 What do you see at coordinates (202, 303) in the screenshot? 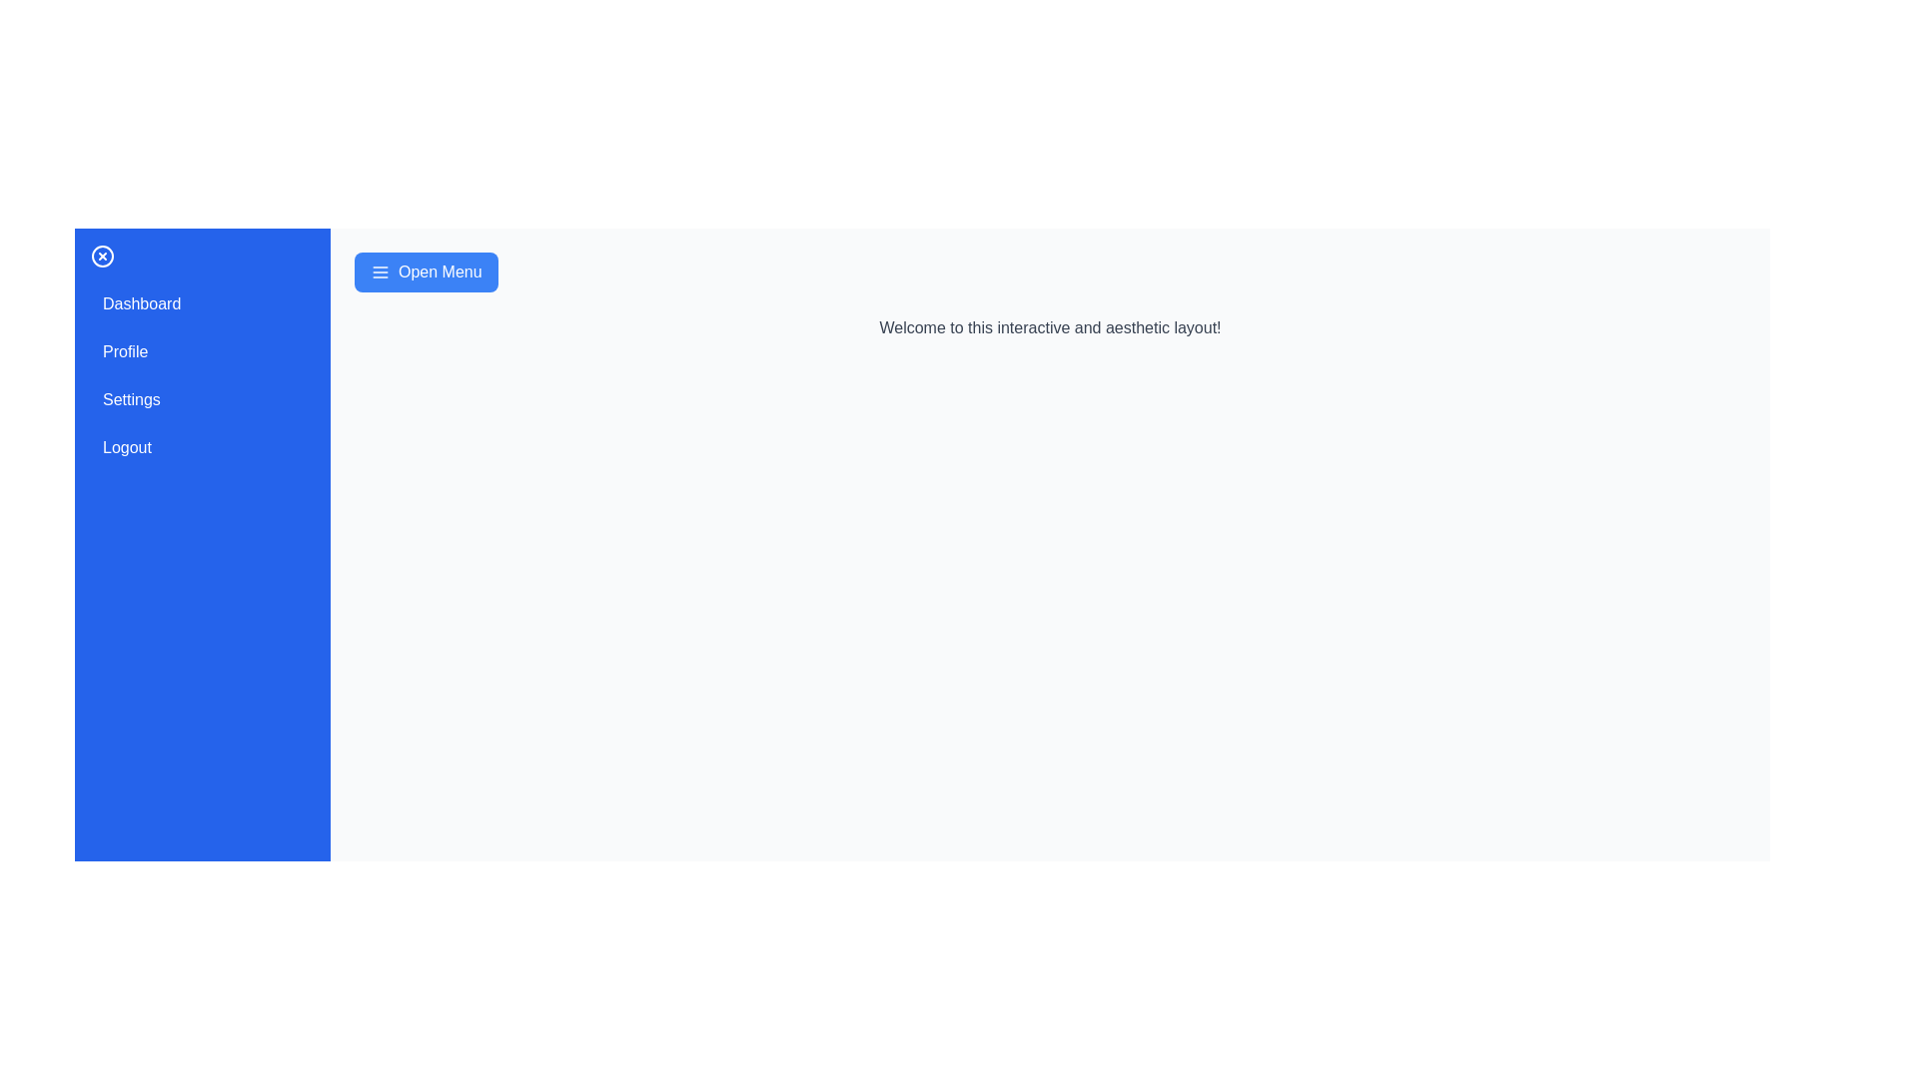
I see `the menu item Dashboard to observe the hover effect` at bounding box center [202, 303].